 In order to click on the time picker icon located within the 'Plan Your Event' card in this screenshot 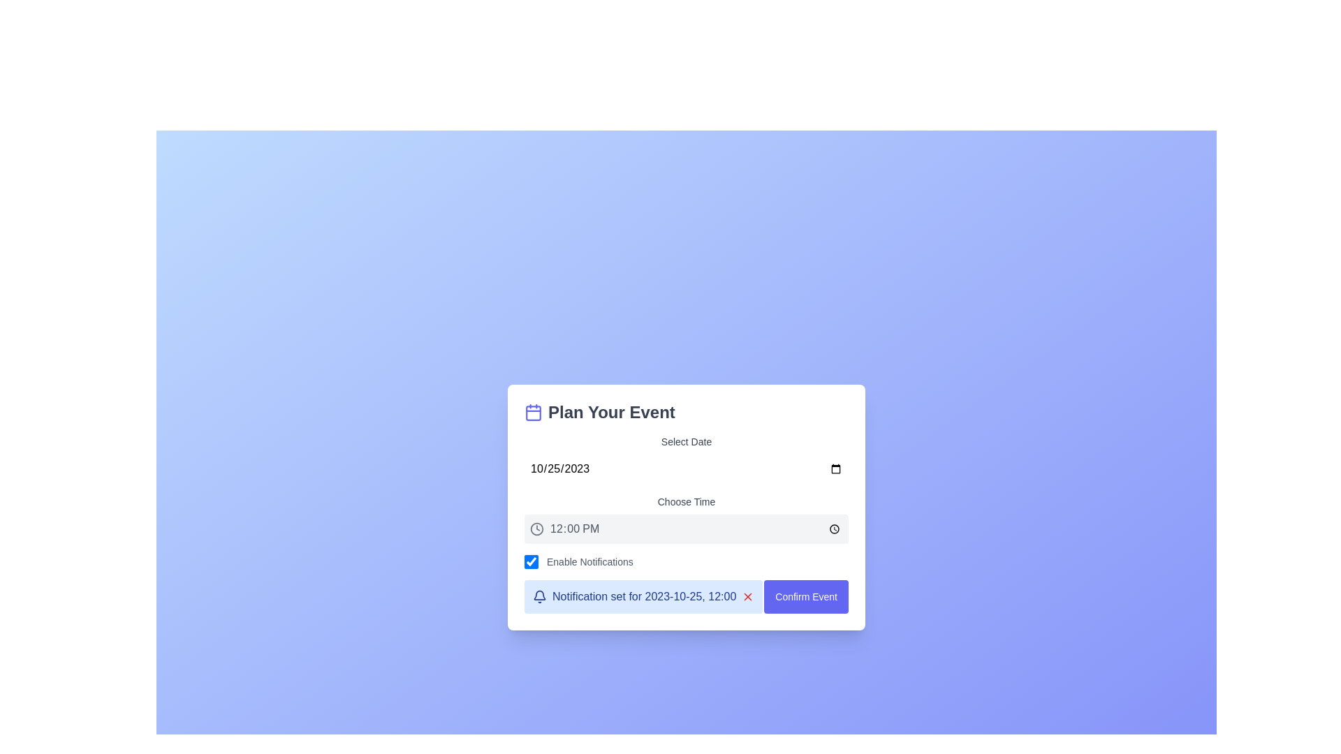, I will do `click(687, 519)`.